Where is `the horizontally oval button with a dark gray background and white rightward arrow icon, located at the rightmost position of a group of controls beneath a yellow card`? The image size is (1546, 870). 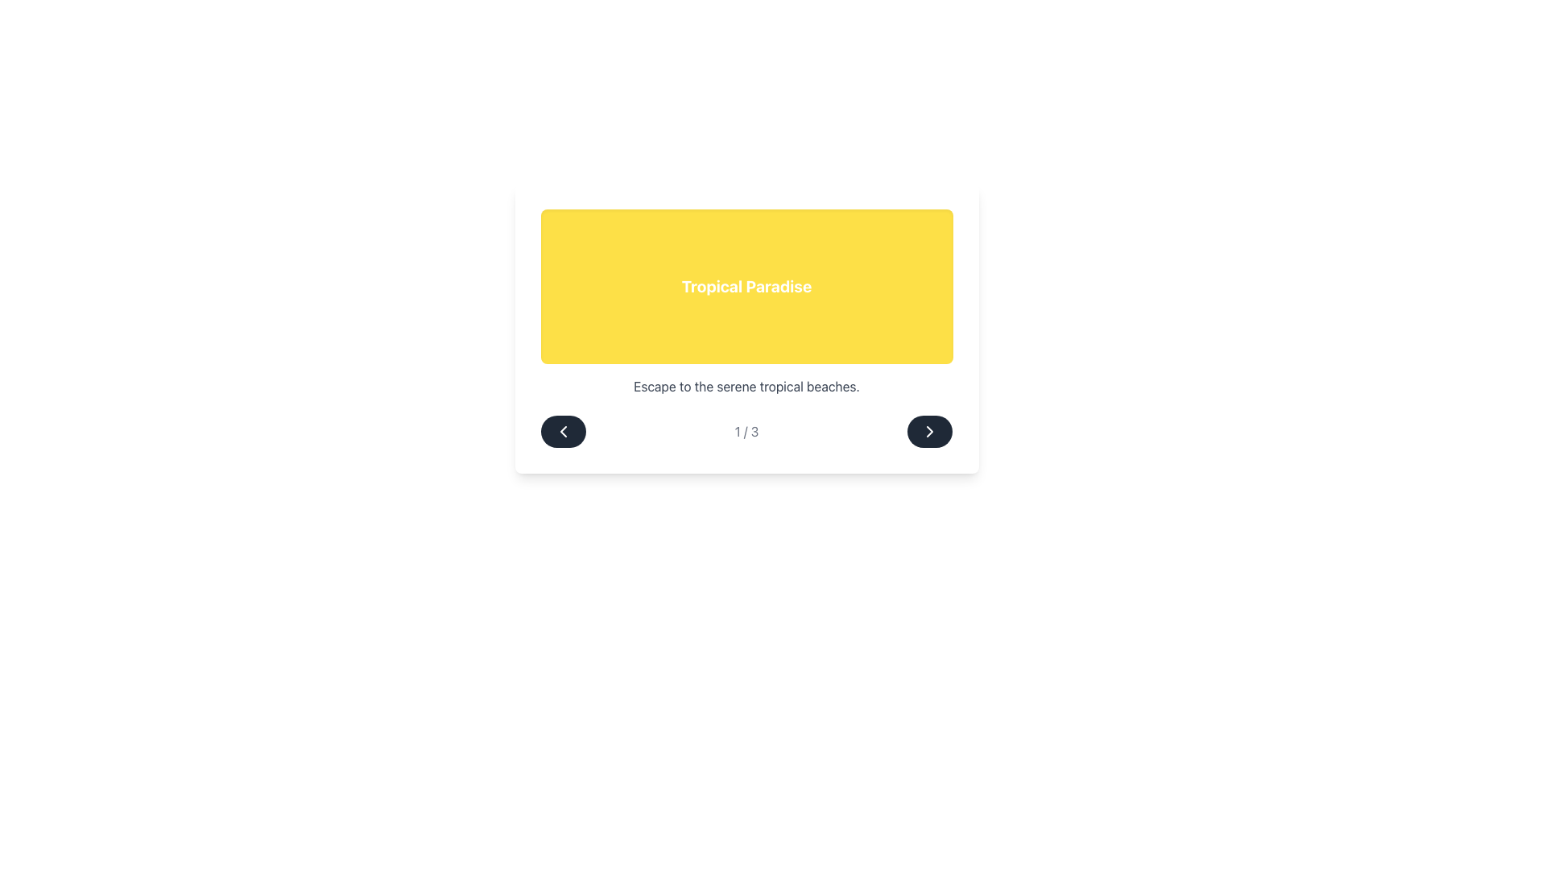
the horizontally oval button with a dark gray background and white rightward arrow icon, located at the rightmost position of a group of controls beneath a yellow card is located at coordinates (930, 431).